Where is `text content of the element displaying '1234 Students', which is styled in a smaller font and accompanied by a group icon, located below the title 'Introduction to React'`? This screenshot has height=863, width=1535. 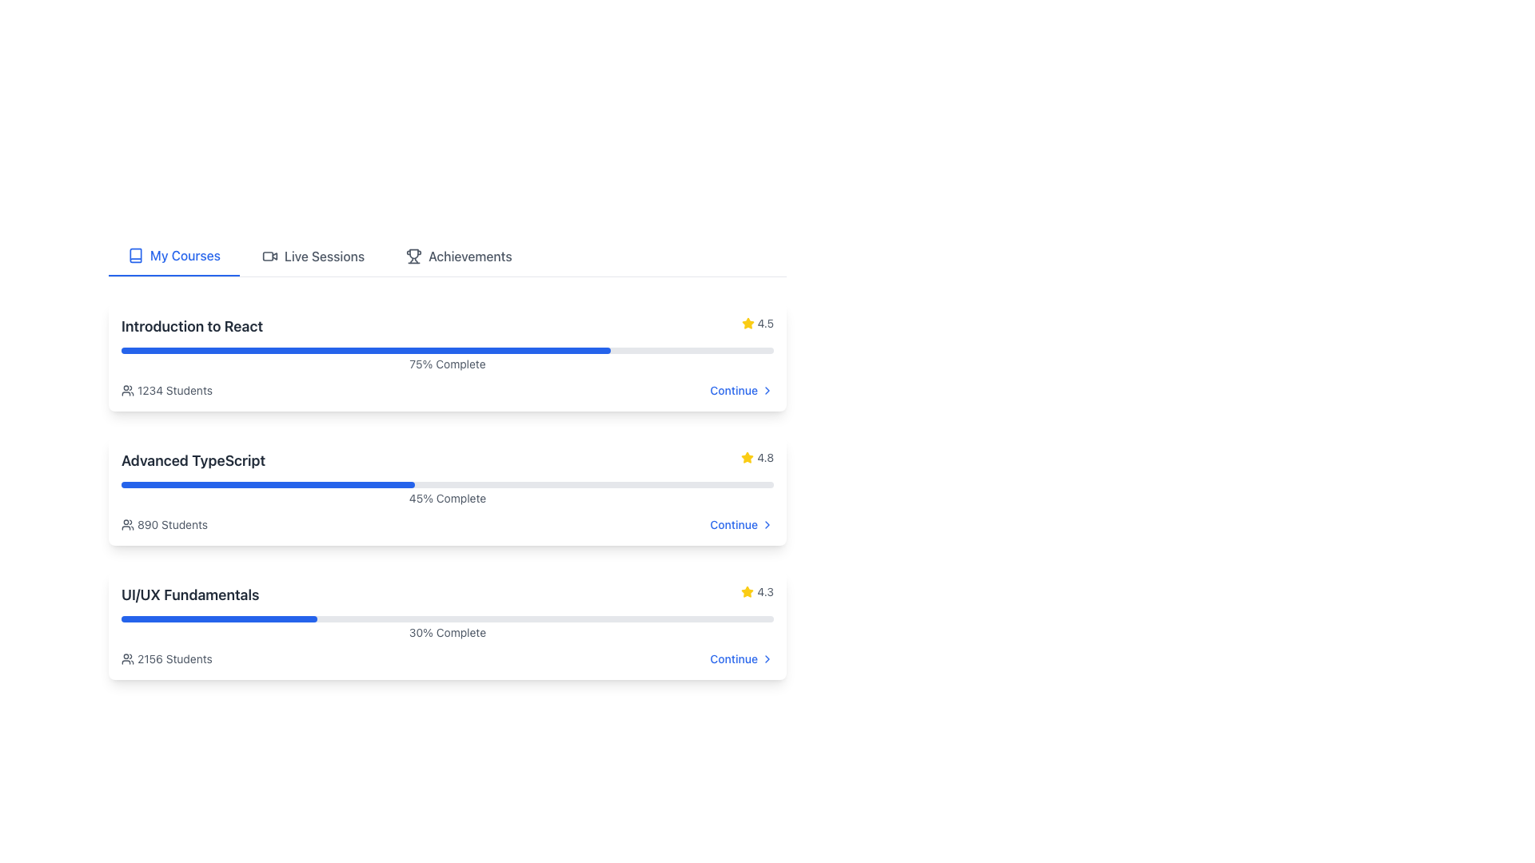 text content of the element displaying '1234 Students', which is styled in a smaller font and accompanied by a group icon, located below the title 'Introduction to React' is located at coordinates (166, 391).